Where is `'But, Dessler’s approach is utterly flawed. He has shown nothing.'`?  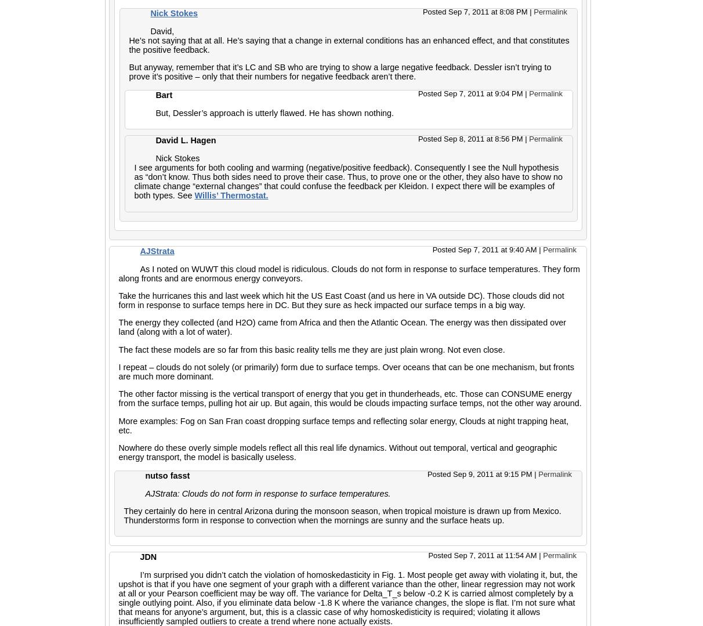 'But, Dessler’s approach is utterly flawed. He has shown nothing.' is located at coordinates (274, 113).